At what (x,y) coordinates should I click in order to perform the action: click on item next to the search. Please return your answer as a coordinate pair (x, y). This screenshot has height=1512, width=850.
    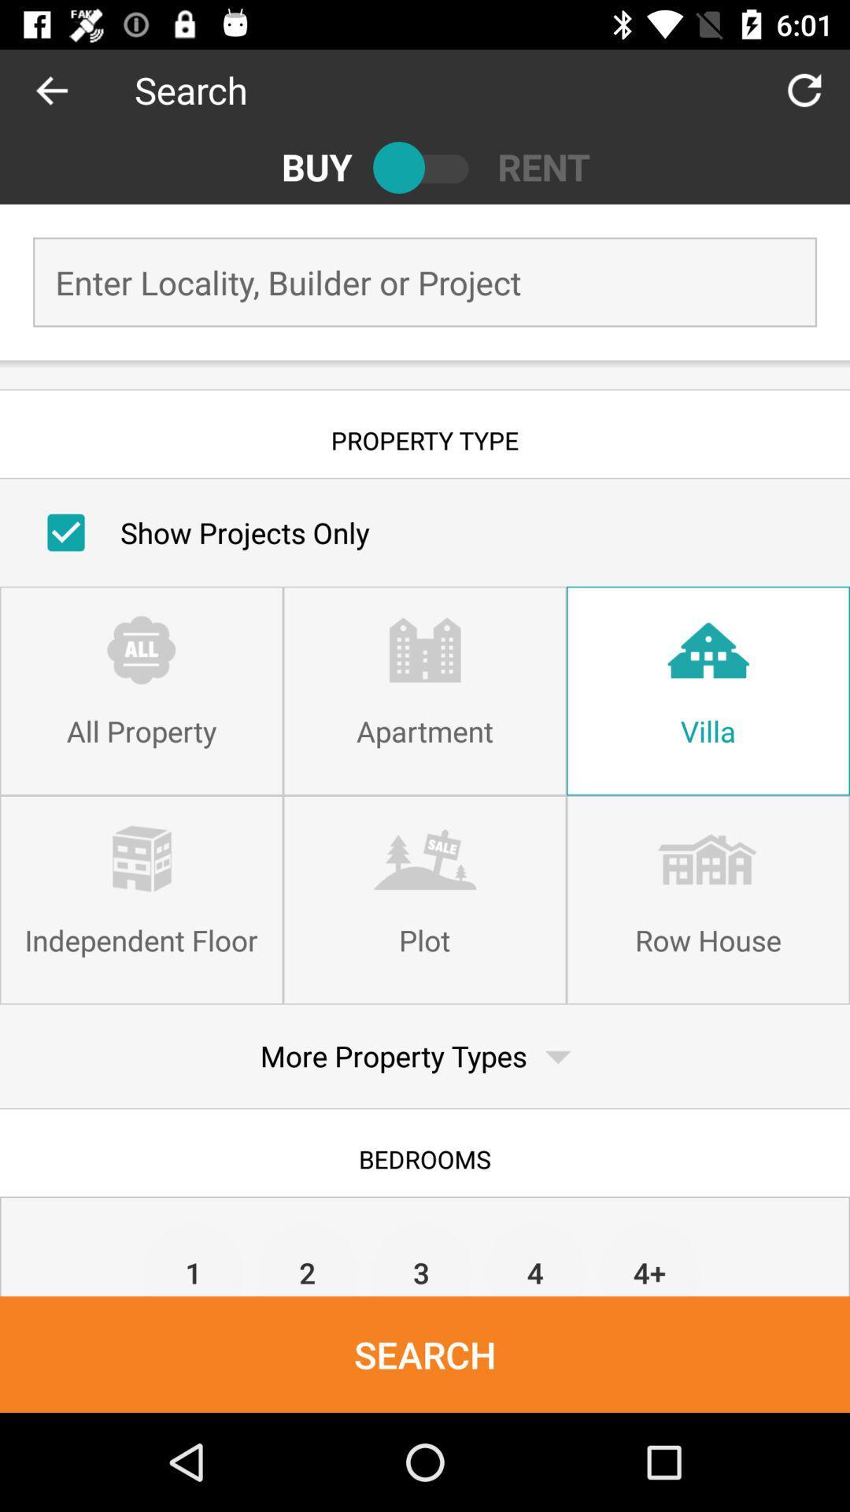
    Looking at the image, I should click on (804, 89).